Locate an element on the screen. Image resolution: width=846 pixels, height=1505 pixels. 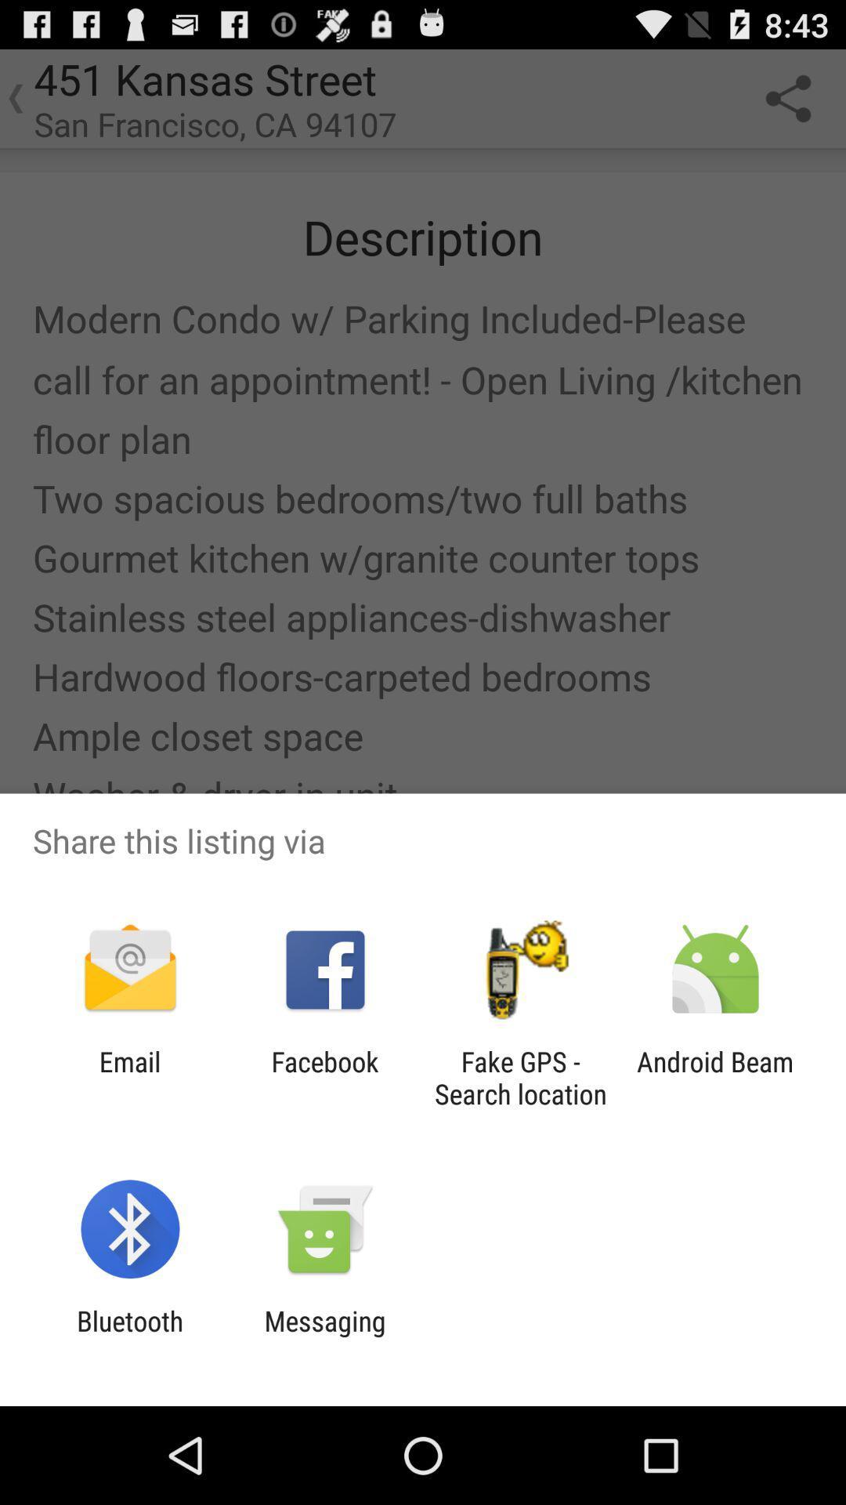
the item to the right of email icon is located at coordinates (324, 1077).